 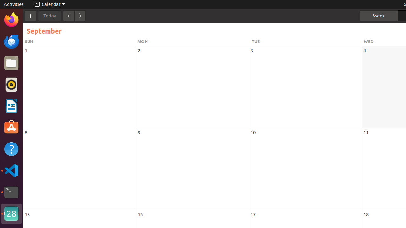 What do you see at coordinates (49, 4) in the screenshot?
I see `'Calendar'` at bounding box center [49, 4].